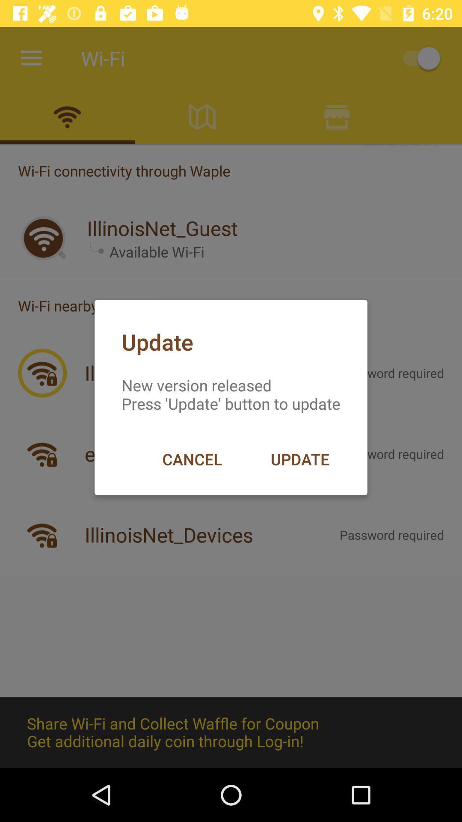 The image size is (462, 822). Describe the element at coordinates (192, 459) in the screenshot. I see `item below new version released` at that location.